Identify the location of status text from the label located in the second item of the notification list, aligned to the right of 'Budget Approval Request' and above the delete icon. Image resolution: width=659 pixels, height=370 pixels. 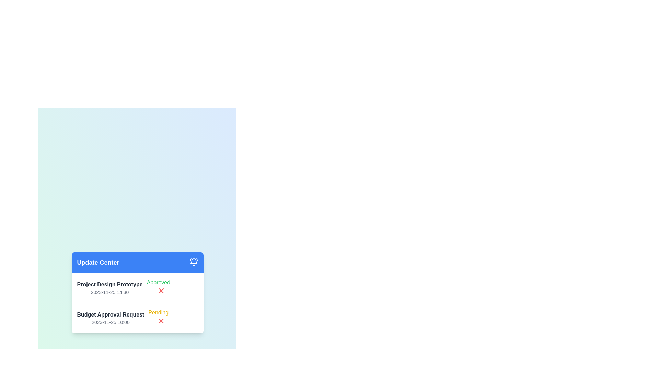
(158, 313).